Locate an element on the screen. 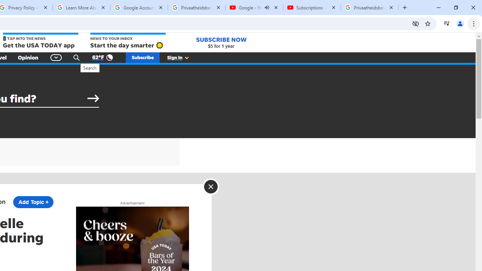  'Google Account' is located at coordinates (139, 8).